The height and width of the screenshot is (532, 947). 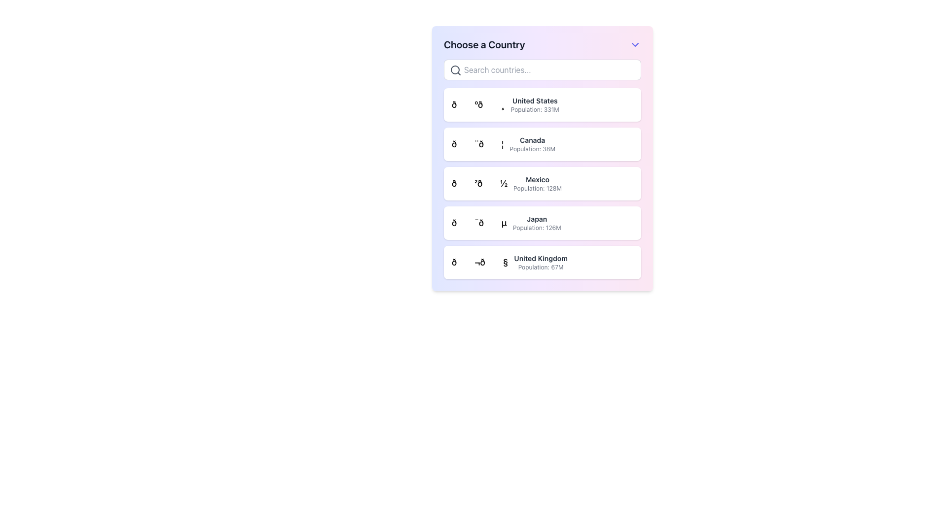 What do you see at coordinates (532, 140) in the screenshot?
I see `text contained in the Text label that indicates the name of a country, positioned in the second row above the text 'Population: 38M'` at bounding box center [532, 140].